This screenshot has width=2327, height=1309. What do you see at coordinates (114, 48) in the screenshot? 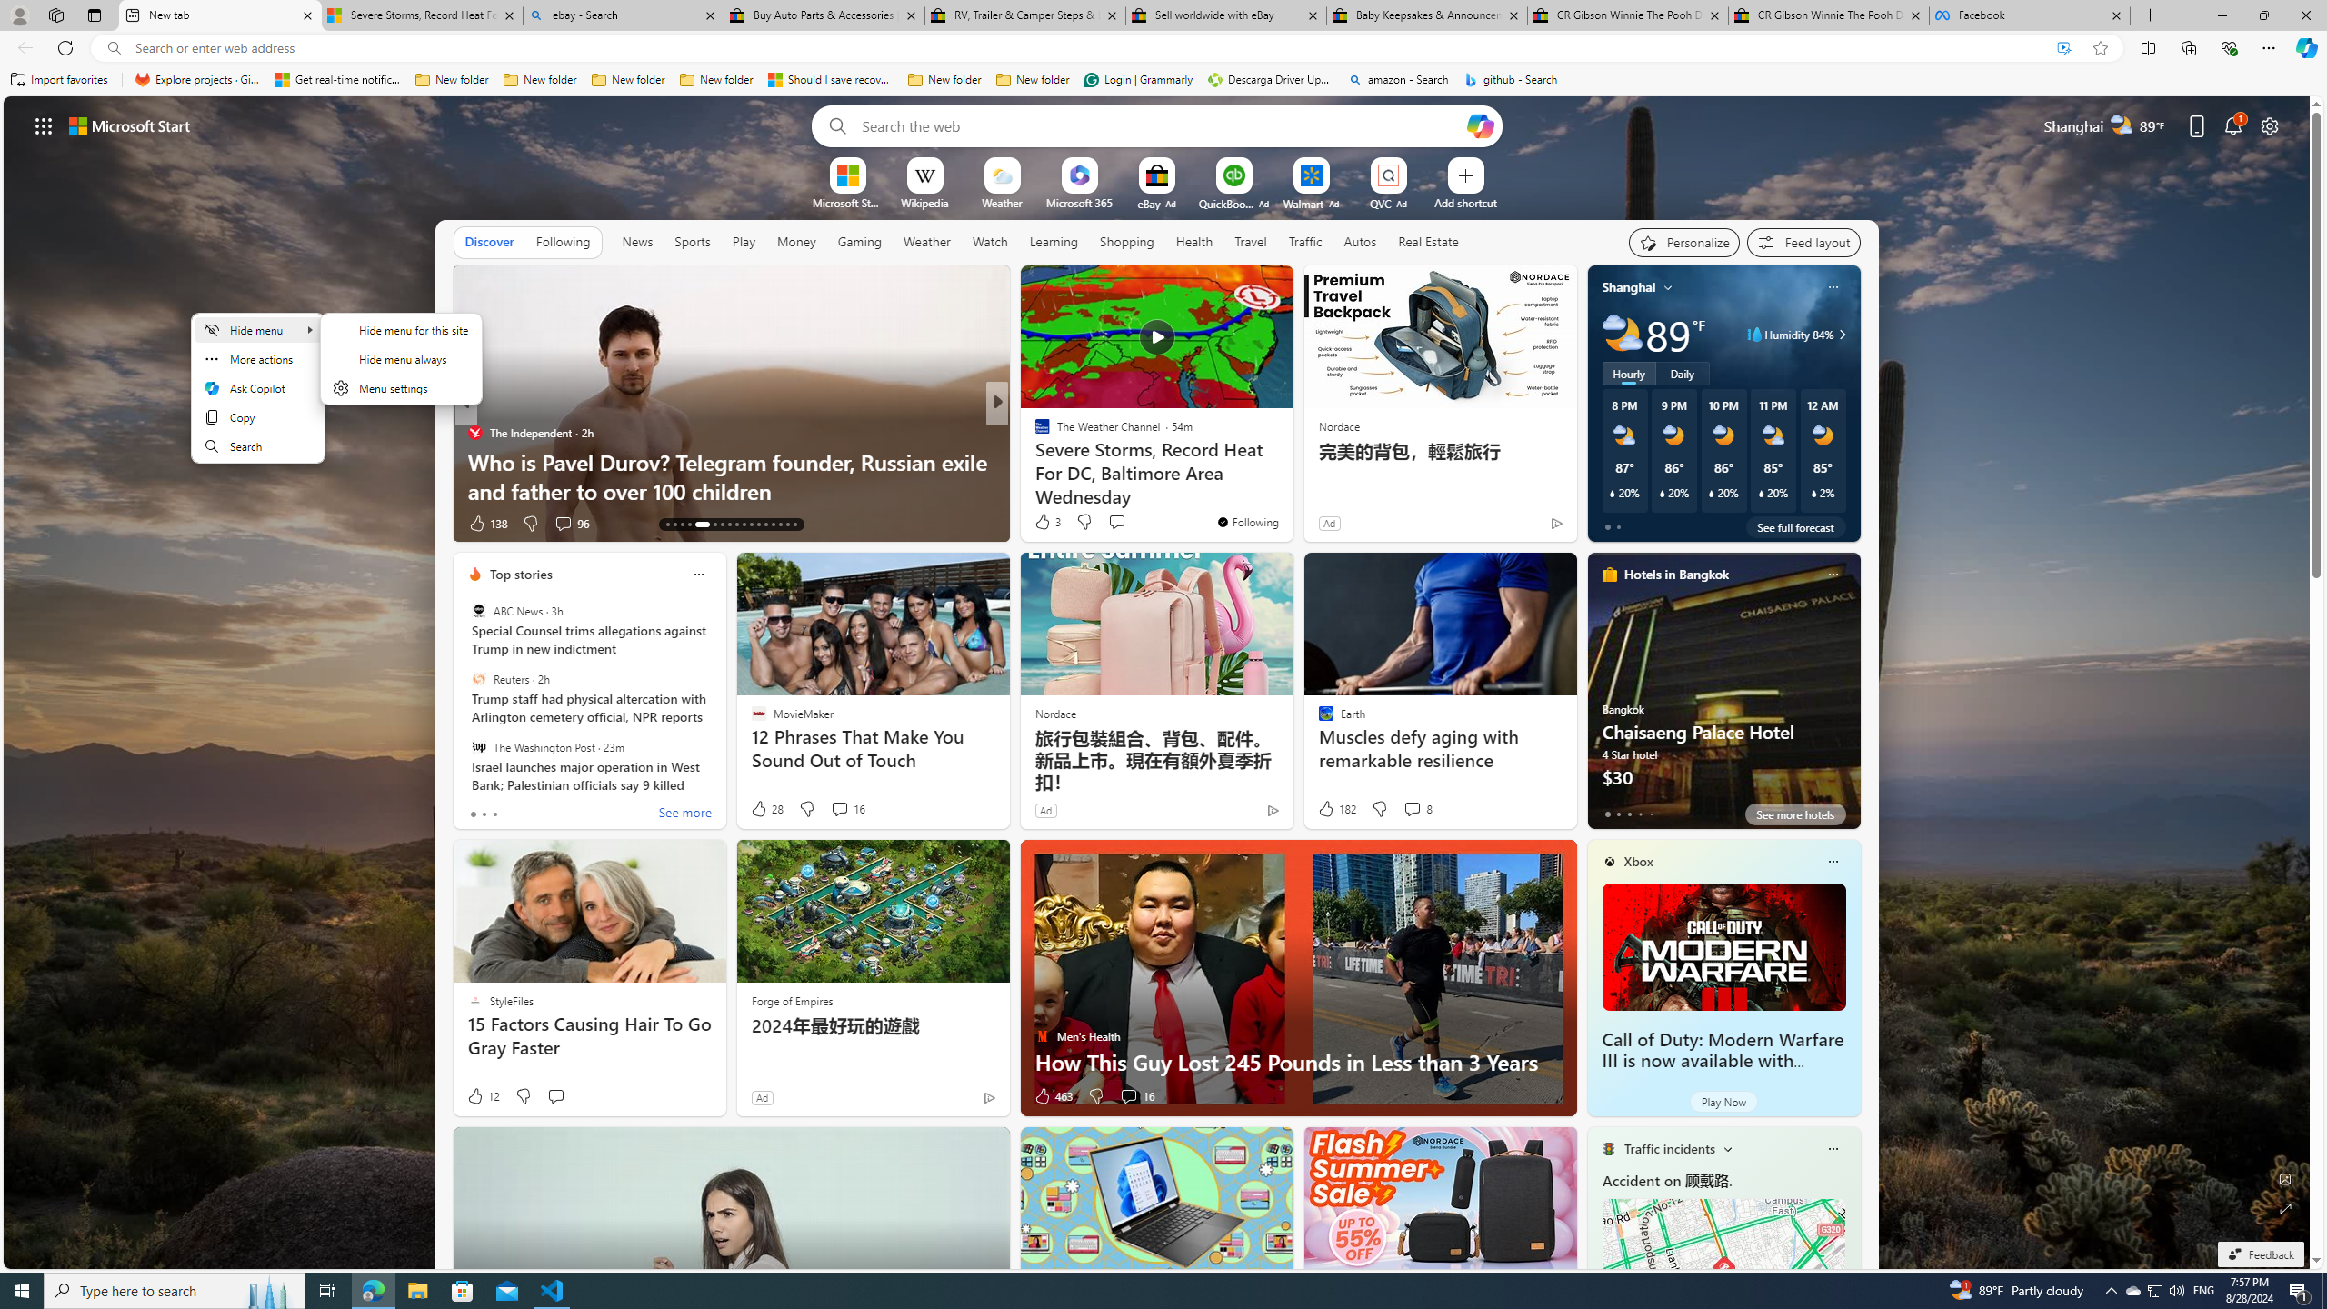
I see `'Search icon'` at bounding box center [114, 48].